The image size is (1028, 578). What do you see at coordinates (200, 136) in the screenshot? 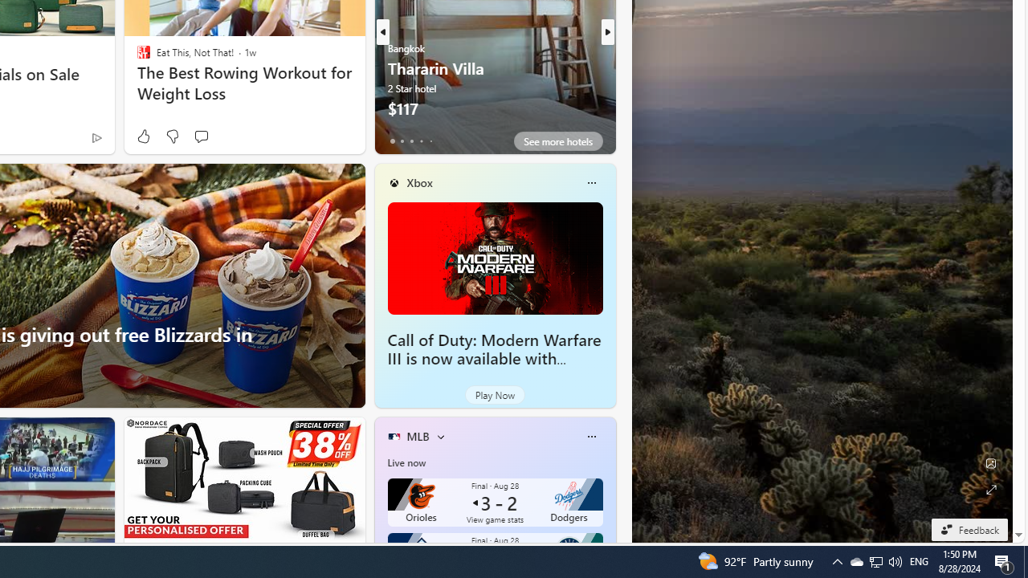
I see `'Start the conversation'` at bounding box center [200, 136].